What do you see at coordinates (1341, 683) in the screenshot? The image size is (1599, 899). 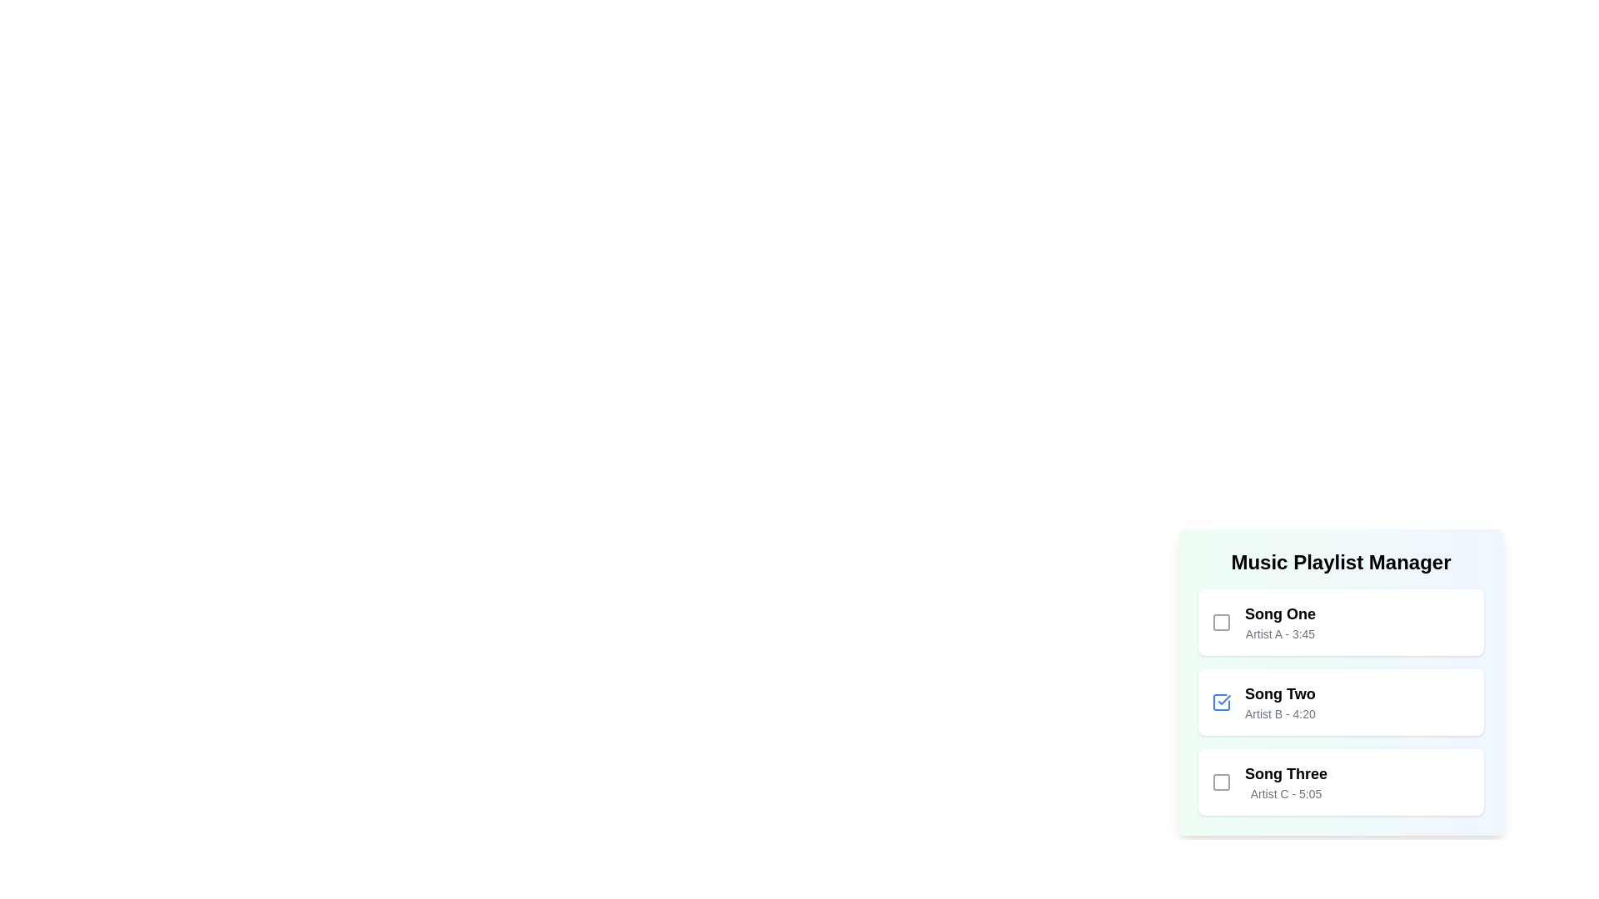 I see `the checkbox of the second selectable item in the music playlist manager` at bounding box center [1341, 683].